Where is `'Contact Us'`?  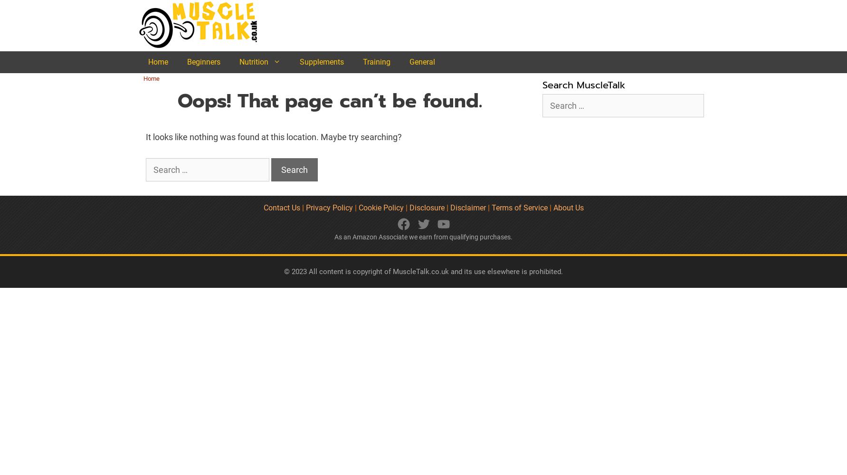 'Contact Us' is located at coordinates (281, 207).